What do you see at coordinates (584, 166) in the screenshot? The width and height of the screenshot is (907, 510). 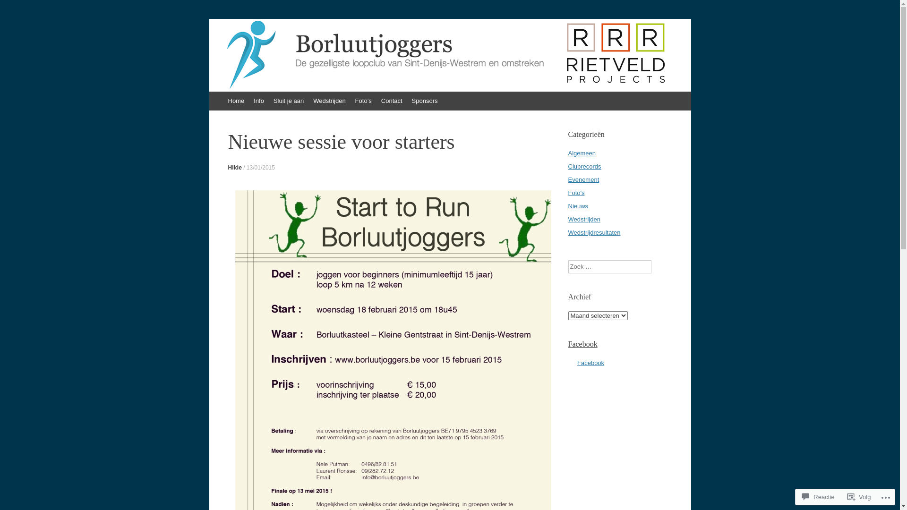 I see `'Clubrecords'` at bounding box center [584, 166].